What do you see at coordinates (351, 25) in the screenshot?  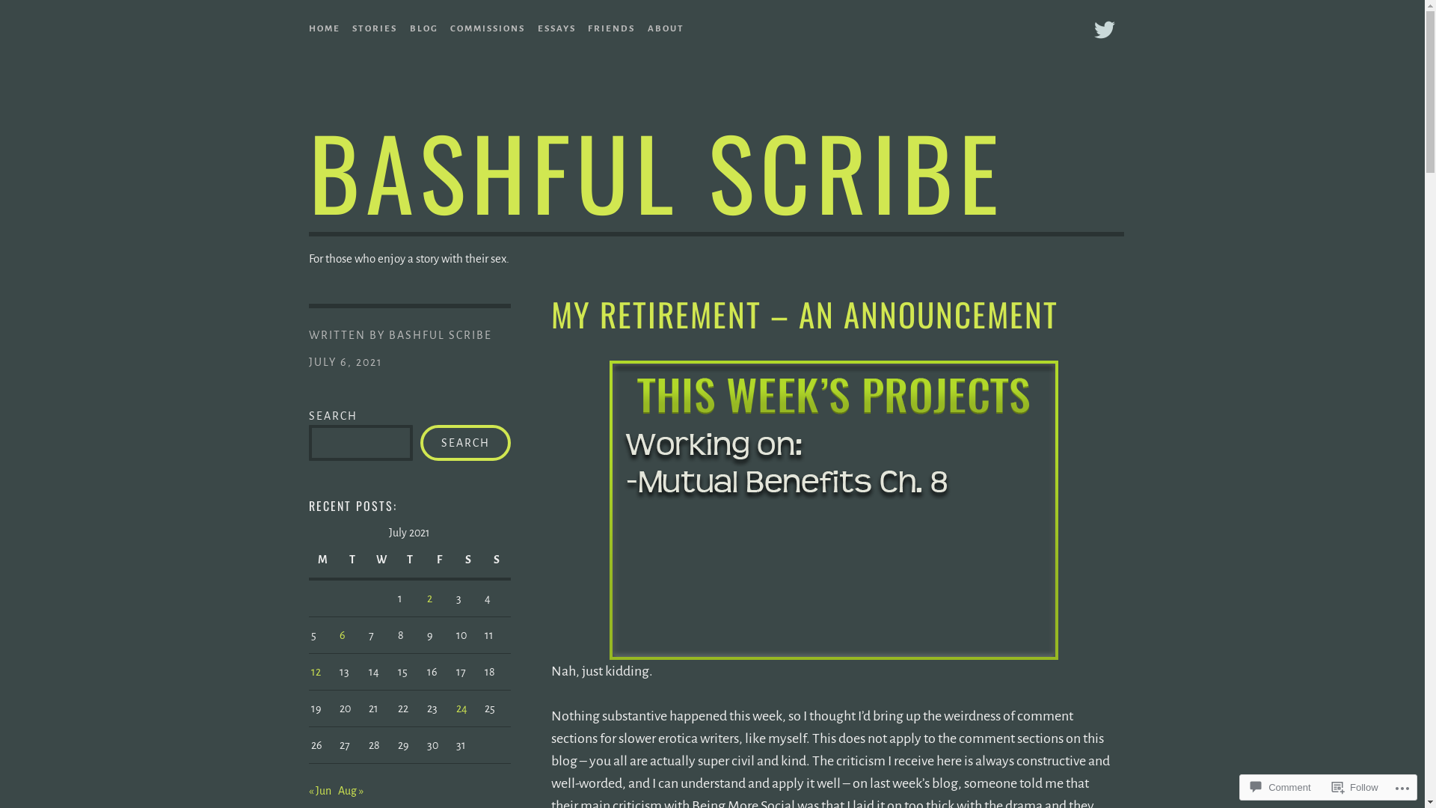 I see `'STORIES'` at bounding box center [351, 25].